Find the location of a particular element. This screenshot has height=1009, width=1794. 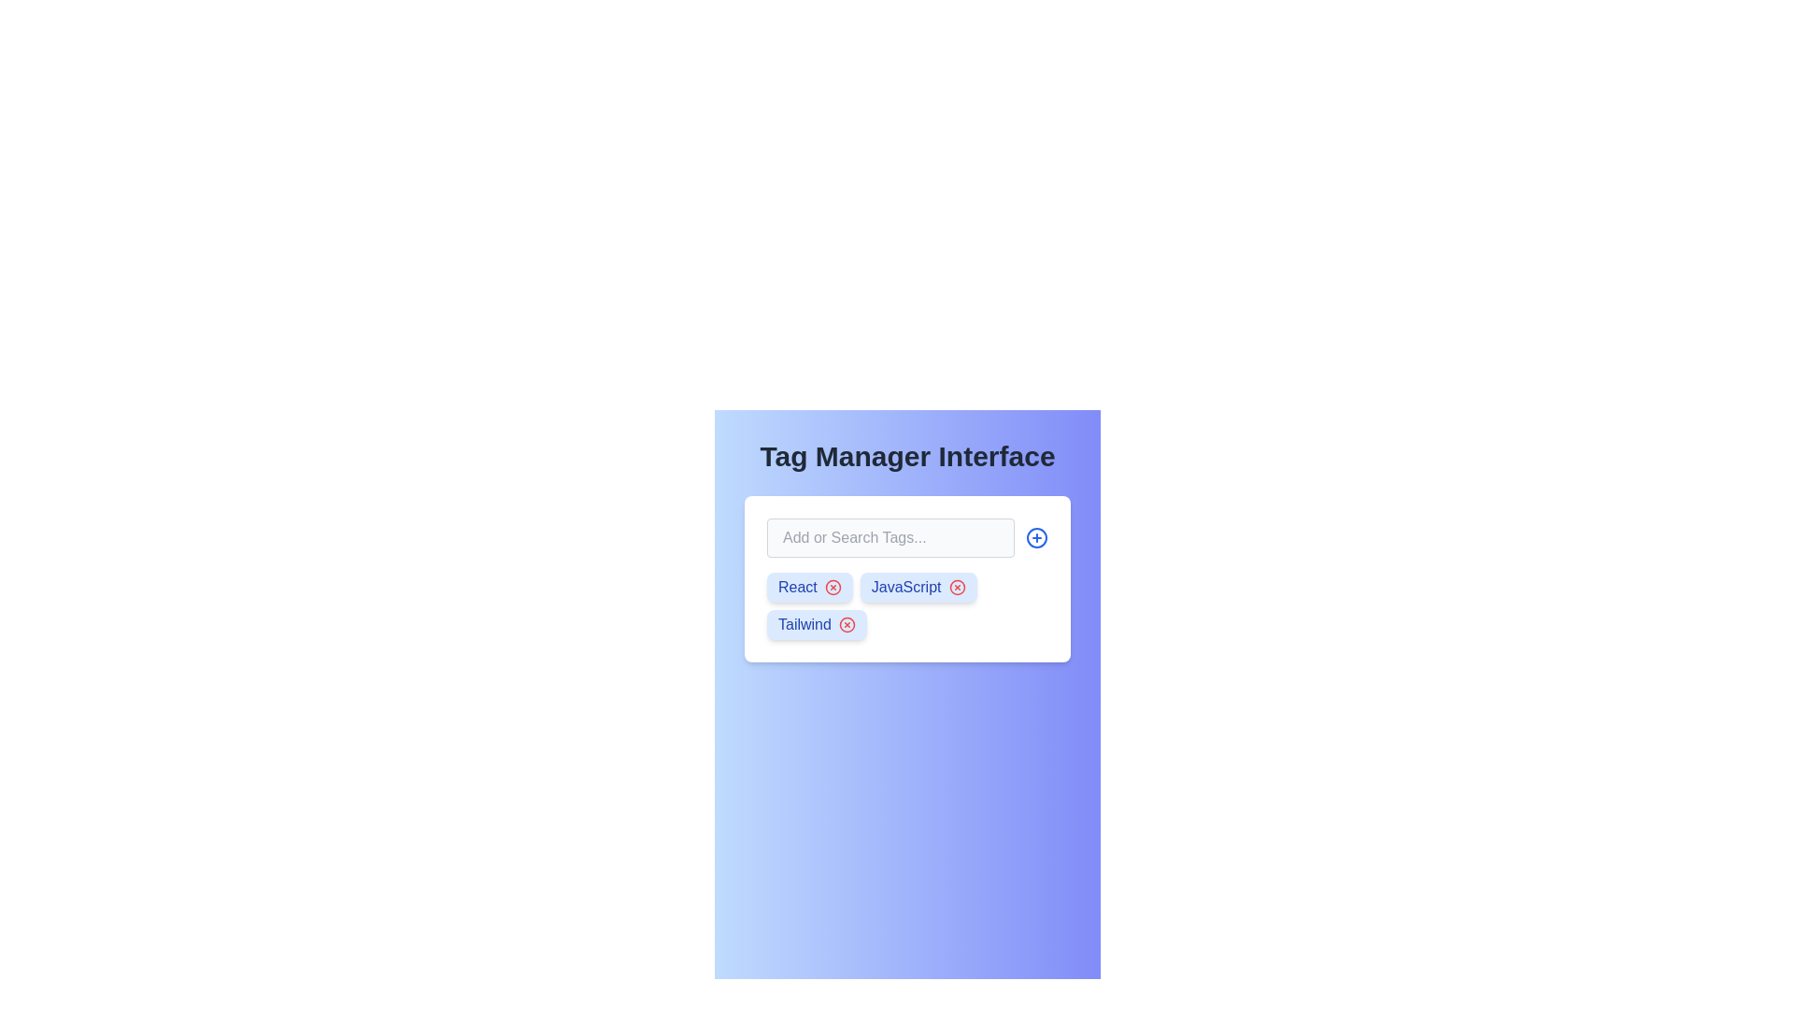

the red circular close icon of the second tag labeled between 'React' and 'Tailwind' is located at coordinates (918, 586).